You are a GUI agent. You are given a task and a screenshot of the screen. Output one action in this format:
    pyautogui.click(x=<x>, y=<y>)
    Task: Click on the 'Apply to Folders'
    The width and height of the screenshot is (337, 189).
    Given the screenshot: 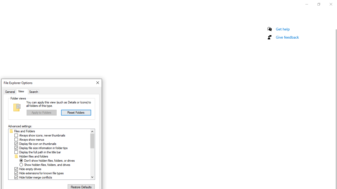 What is the action you would take?
    pyautogui.click(x=41, y=112)
    